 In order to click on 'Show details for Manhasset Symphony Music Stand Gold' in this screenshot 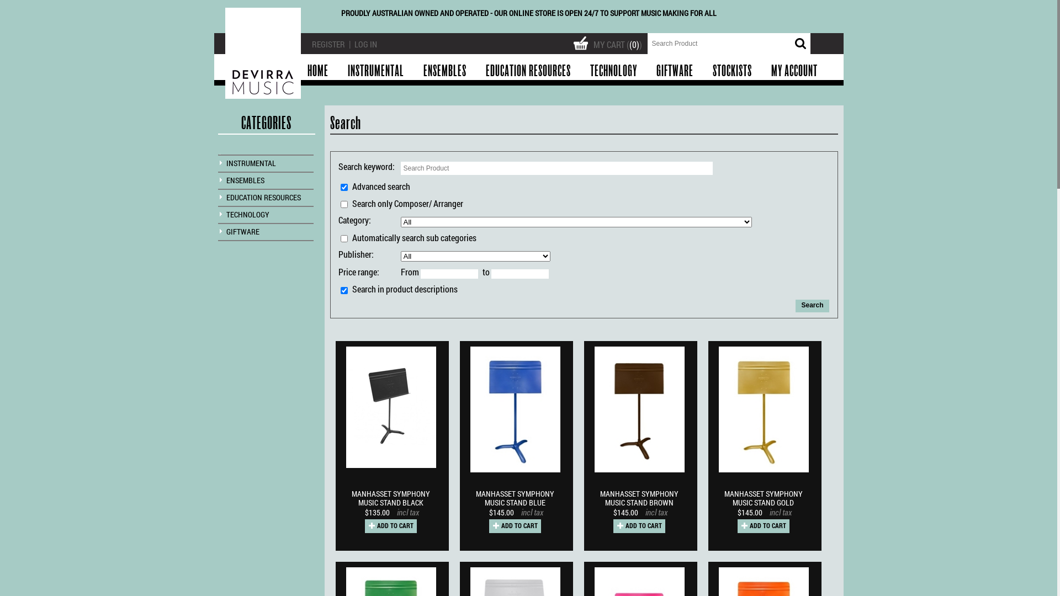, I will do `click(763, 409)`.